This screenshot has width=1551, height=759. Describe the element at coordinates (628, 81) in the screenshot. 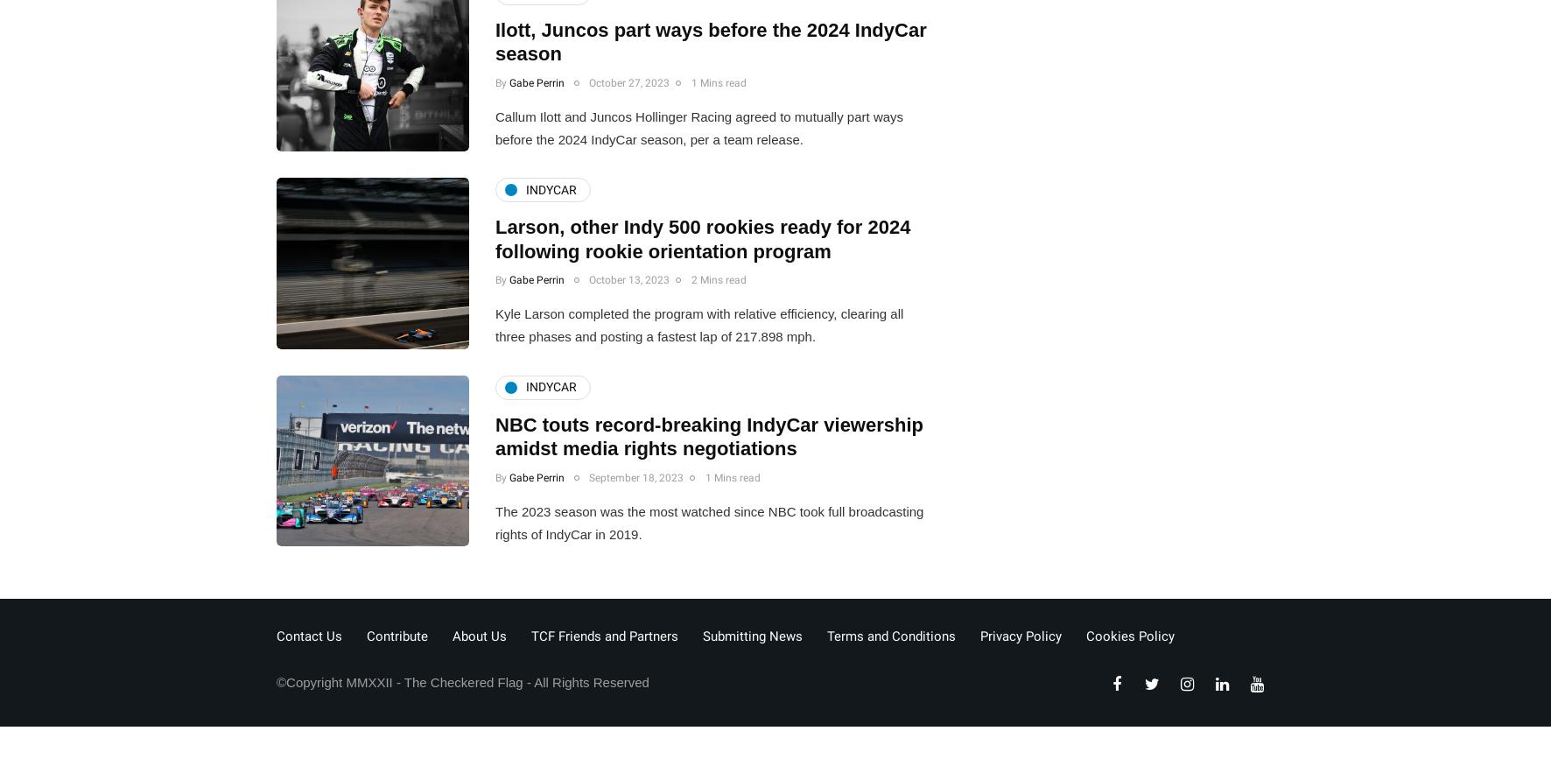

I see `'October 27, 2023'` at that location.